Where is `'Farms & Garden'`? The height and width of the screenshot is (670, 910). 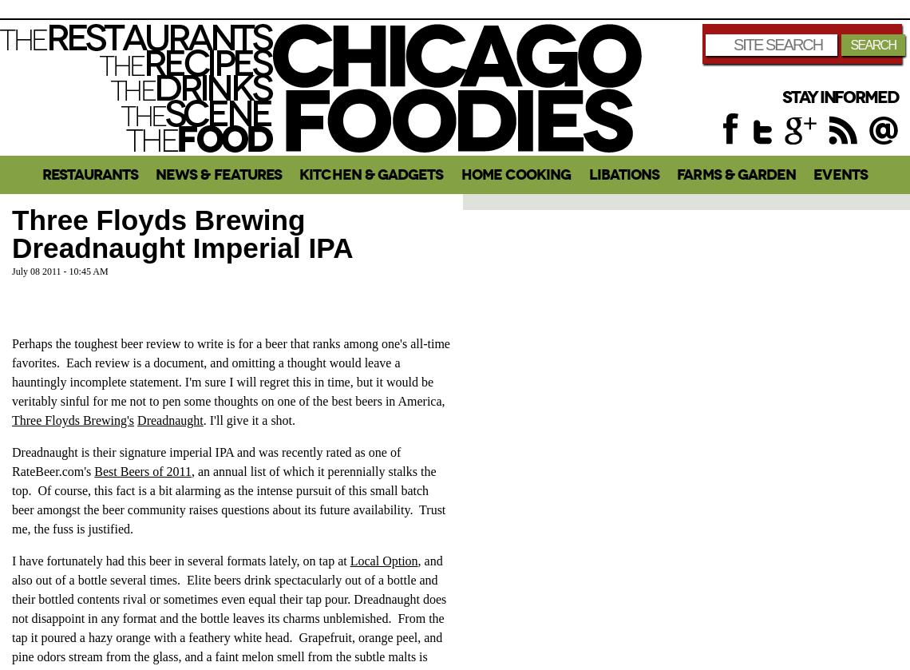
'Farms & Garden' is located at coordinates (736, 174).